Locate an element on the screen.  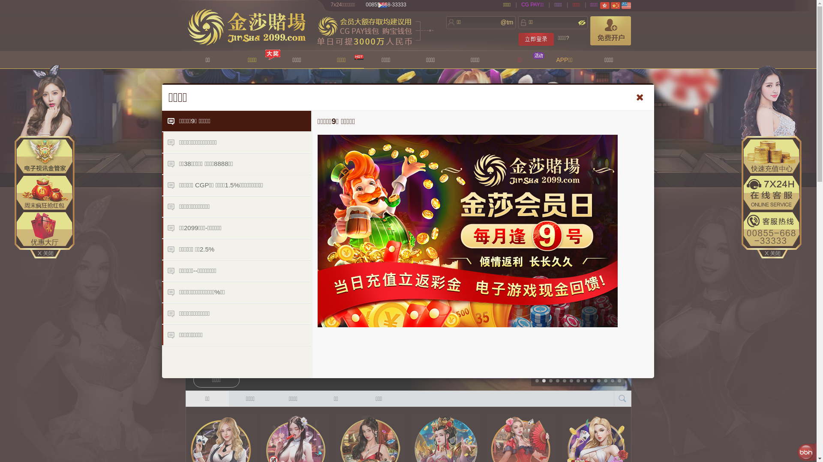
'English' is located at coordinates (626, 5).